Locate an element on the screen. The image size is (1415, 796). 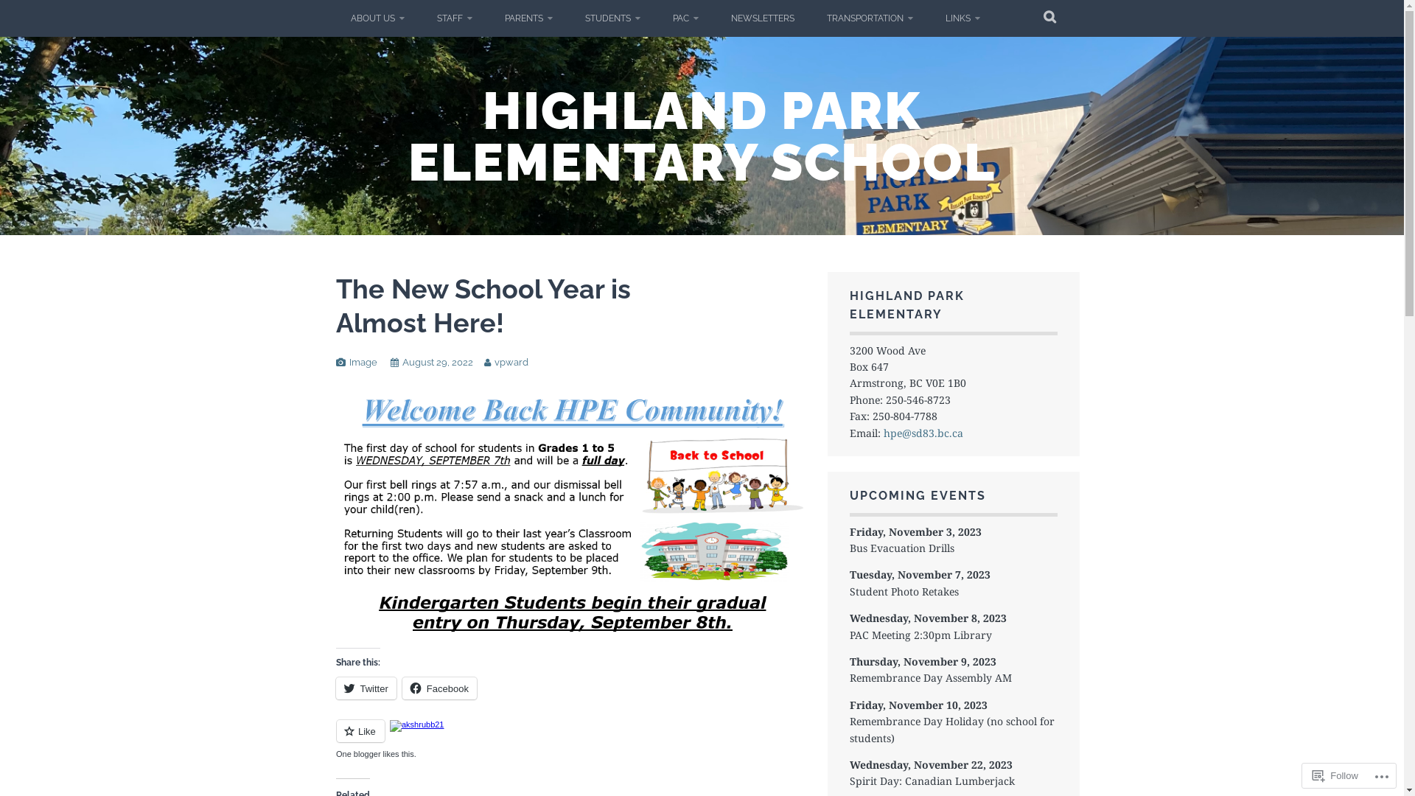
'Facebook' is located at coordinates (402, 688).